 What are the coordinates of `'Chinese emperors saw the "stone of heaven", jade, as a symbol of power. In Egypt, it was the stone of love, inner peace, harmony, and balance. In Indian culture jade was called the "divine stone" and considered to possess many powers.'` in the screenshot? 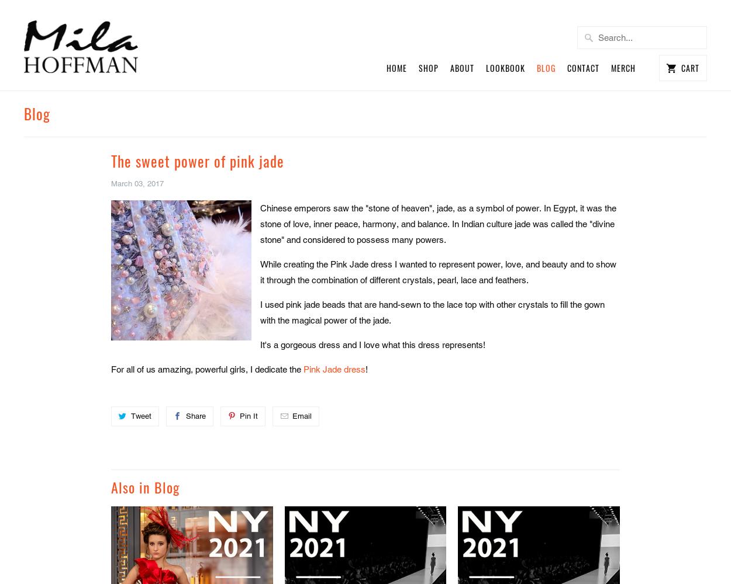 It's located at (437, 223).